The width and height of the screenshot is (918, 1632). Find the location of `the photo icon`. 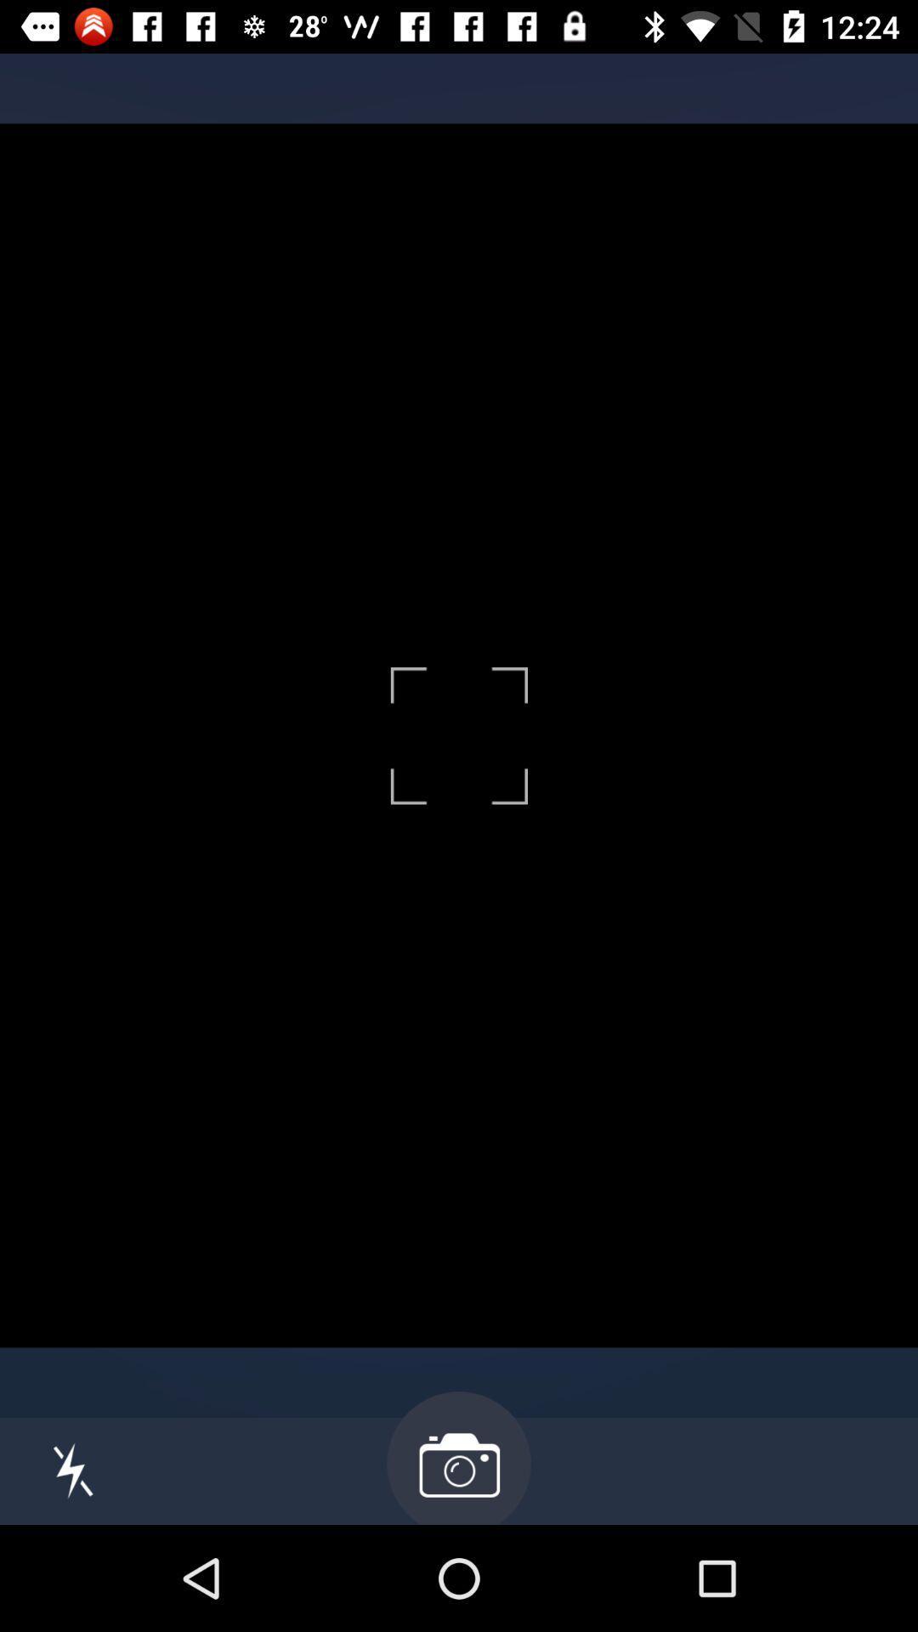

the photo icon is located at coordinates (459, 1457).